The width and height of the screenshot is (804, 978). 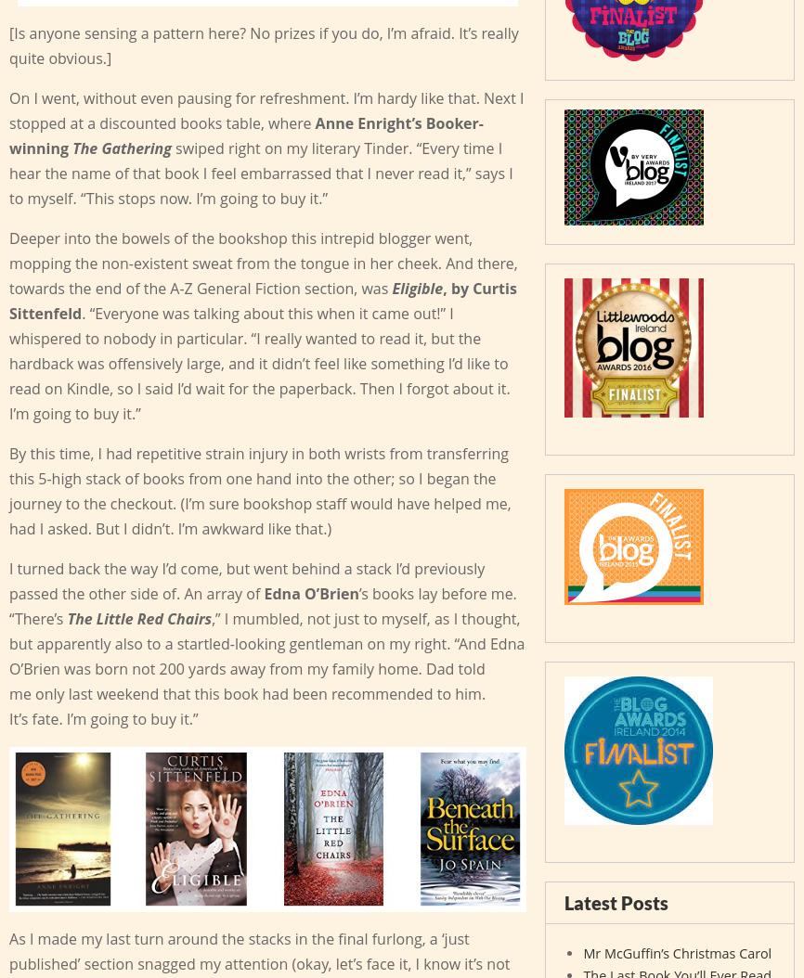 What do you see at coordinates (8, 300) in the screenshot?
I see `', by Curtis Sittenfeld'` at bounding box center [8, 300].